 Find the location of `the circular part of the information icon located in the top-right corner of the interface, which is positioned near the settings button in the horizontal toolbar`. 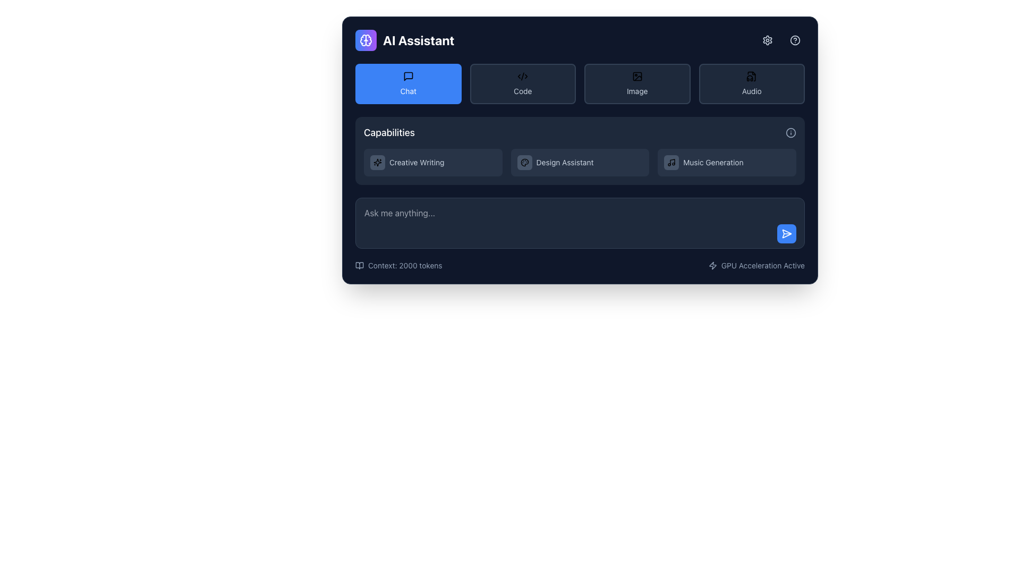

the circular part of the information icon located in the top-right corner of the interface, which is positioned near the settings button in the horizontal toolbar is located at coordinates (790, 132).